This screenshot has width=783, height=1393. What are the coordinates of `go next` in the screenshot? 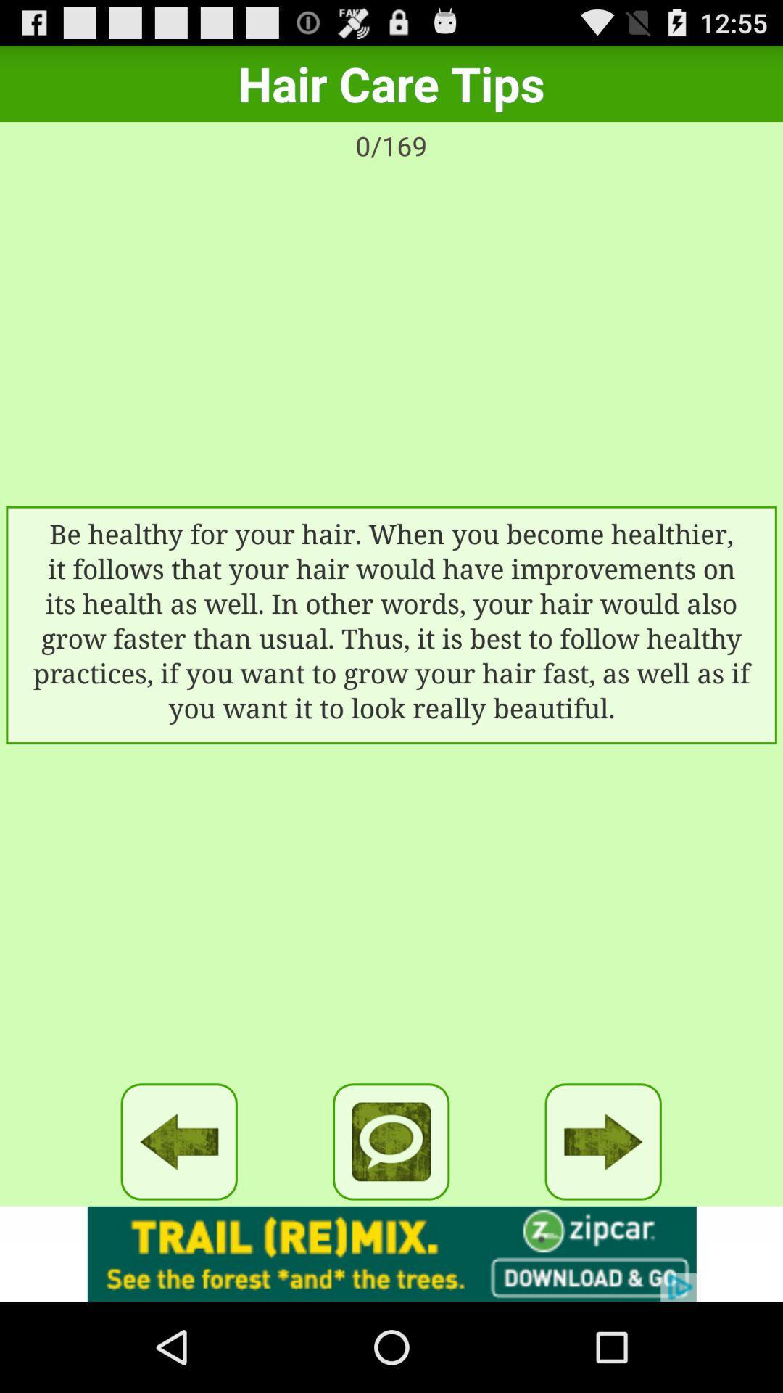 It's located at (603, 1141).